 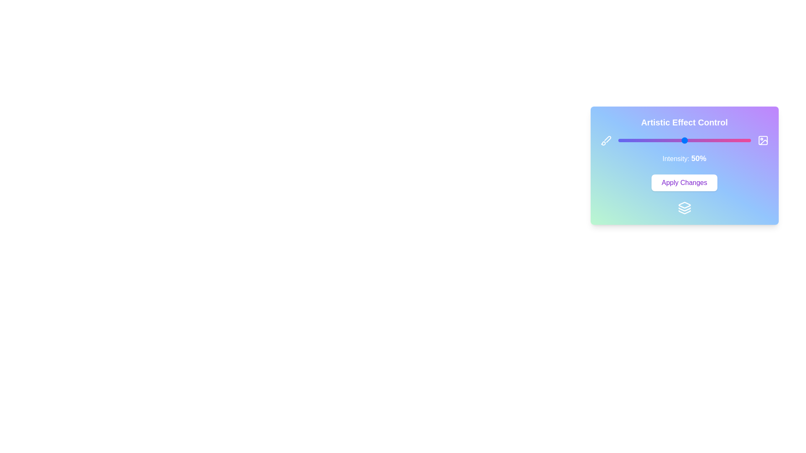 What do you see at coordinates (606, 140) in the screenshot?
I see `the Brush icon to interact with it` at bounding box center [606, 140].